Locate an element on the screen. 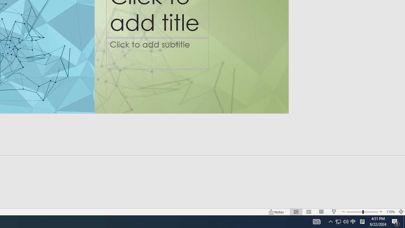  'Normal' is located at coordinates (296, 212).